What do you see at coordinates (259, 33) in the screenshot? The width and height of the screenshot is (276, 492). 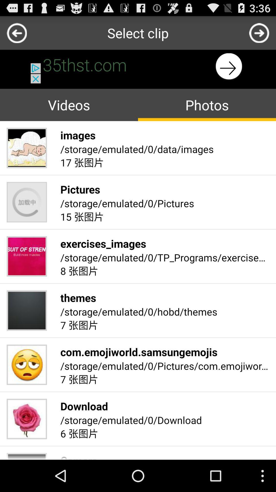 I see `go back` at bounding box center [259, 33].